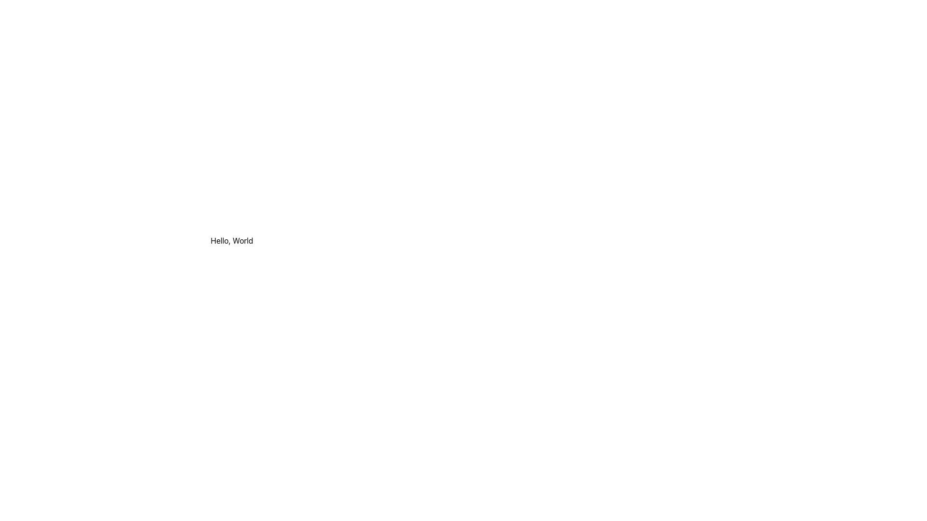 This screenshot has height=521, width=927. Describe the element at coordinates (232, 240) in the screenshot. I see `the Static Text Display that shows 'Hello, World', which is centered within a white box` at that location.